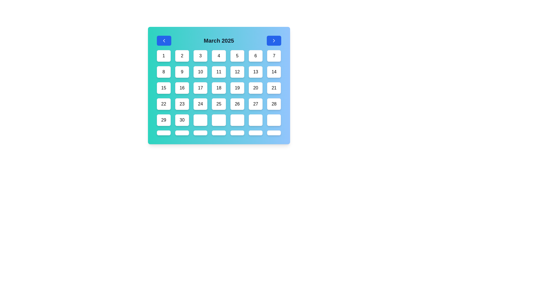 This screenshot has width=533, height=299. Describe the element at coordinates (237, 56) in the screenshot. I see `the grid cell located in the first row and fifth column, which displays the number '5' in bold font` at that location.